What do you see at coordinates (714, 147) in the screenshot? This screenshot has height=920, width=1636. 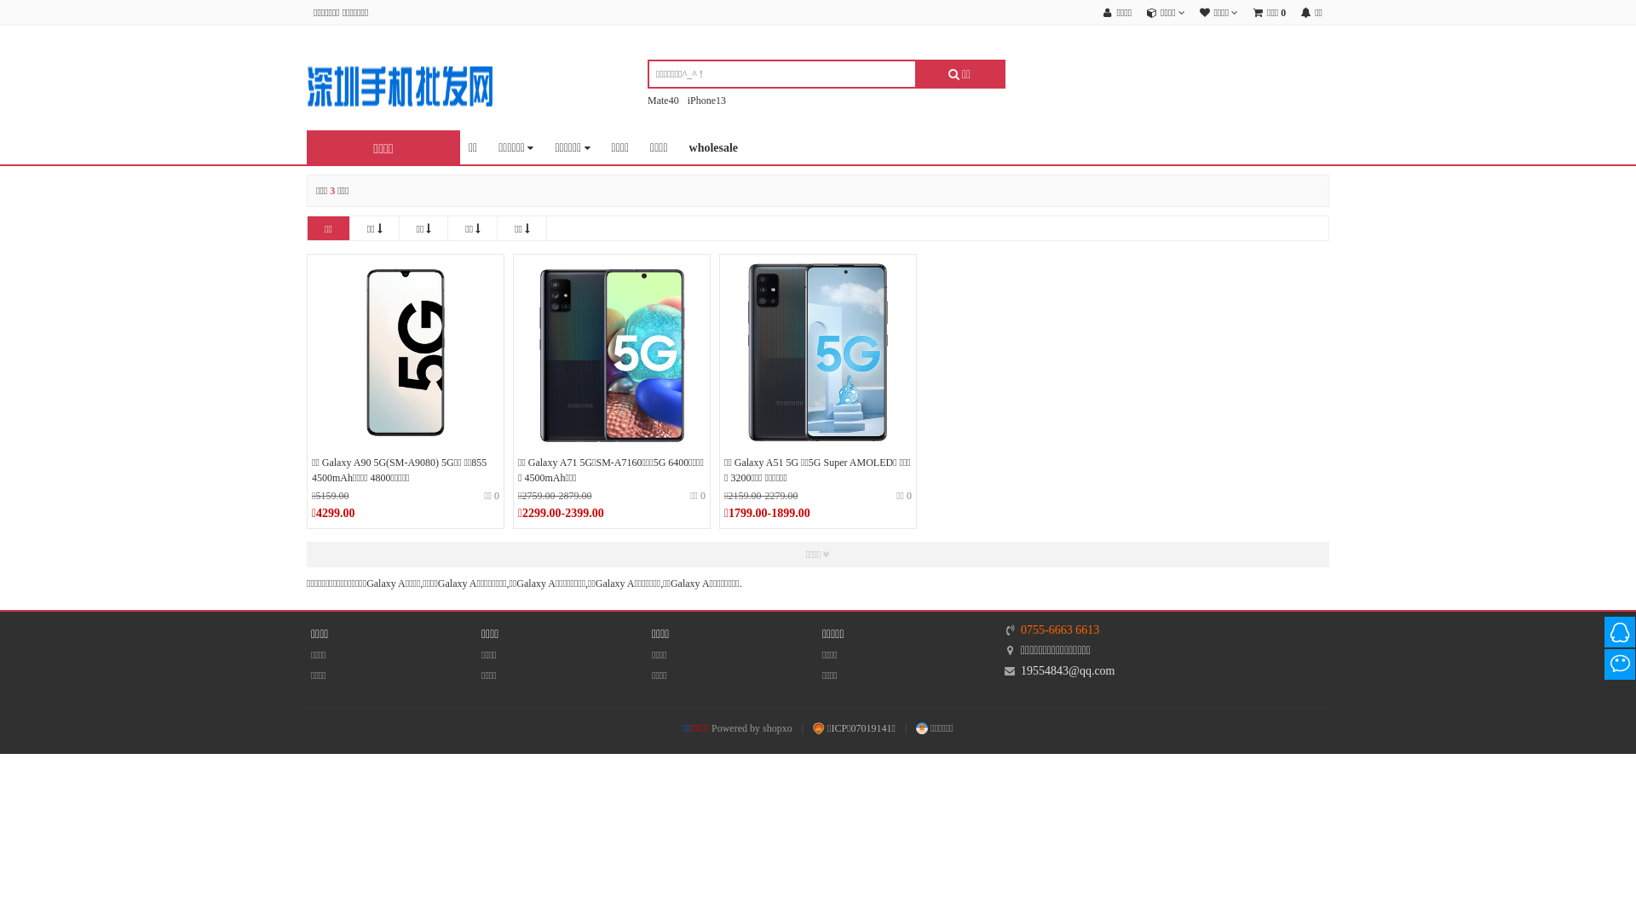 I see `'wholesale'` at bounding box center [714, 147].